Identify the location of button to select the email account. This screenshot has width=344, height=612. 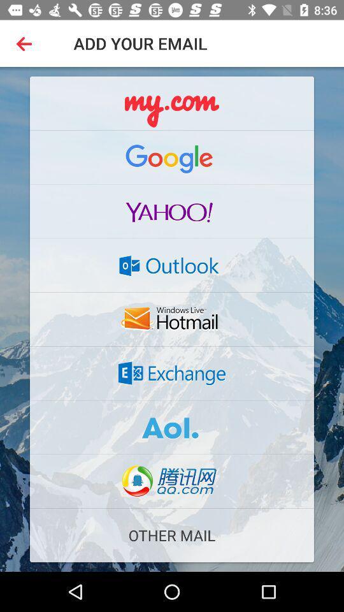
(172, 319).